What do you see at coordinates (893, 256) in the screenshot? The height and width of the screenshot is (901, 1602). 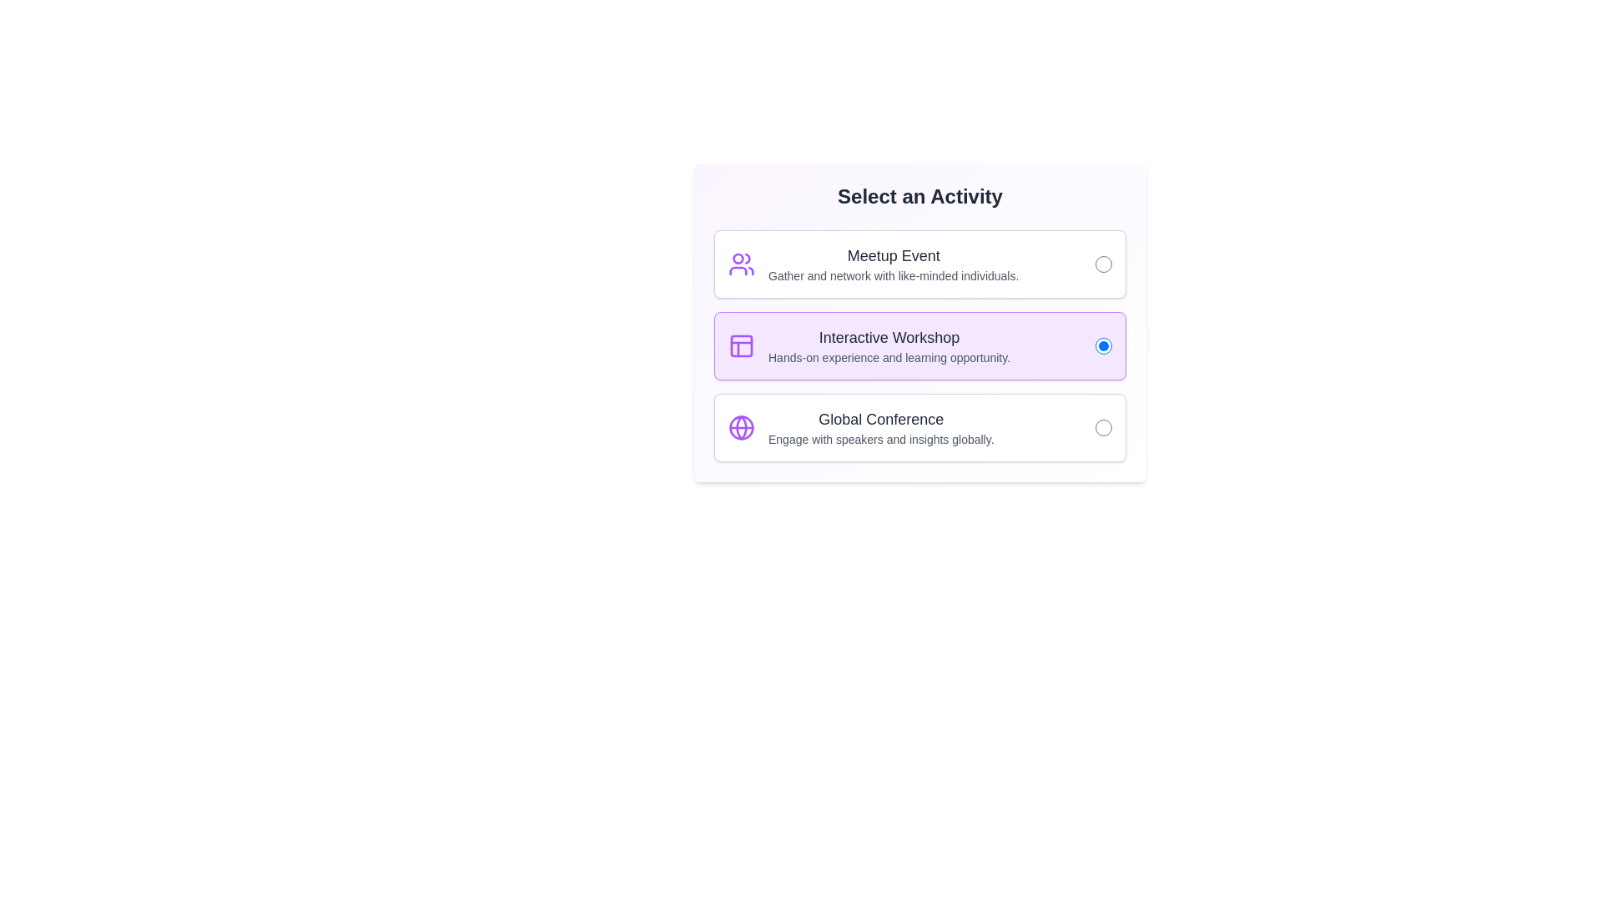 I see `the 'Meetup Event' text label which is displayed in a bold, large font style and is centrally aligned above the description text within a white box` at bounding box center [893, 256].